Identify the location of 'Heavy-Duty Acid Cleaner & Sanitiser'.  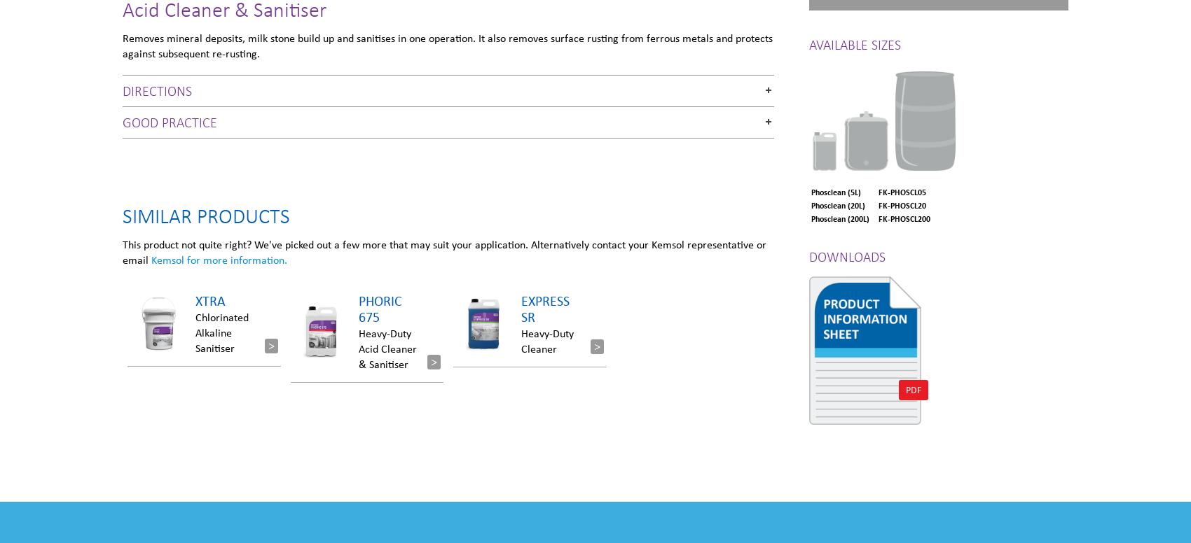
(358, 348).